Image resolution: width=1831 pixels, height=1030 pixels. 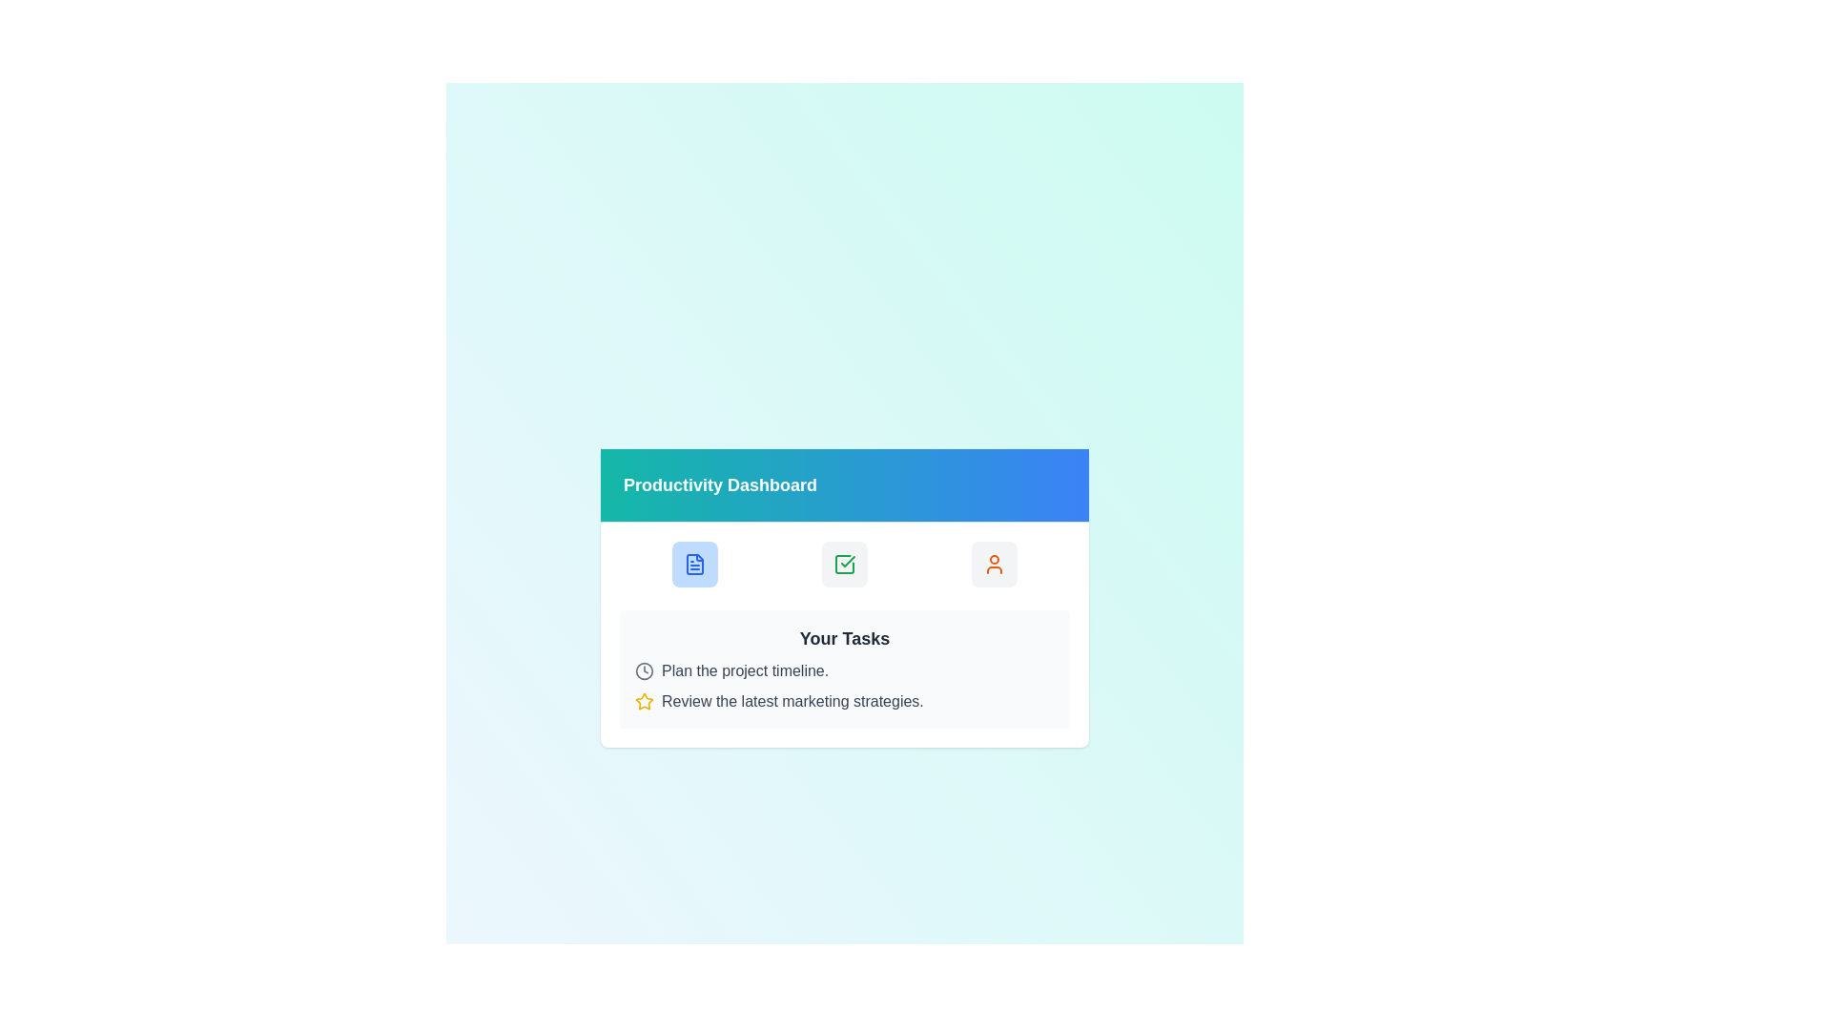 What do you see at coordinates (645, 669) in the screenshot?
I see `the time-related icon located to the left of the text 'Plan the project timeline.'` at bounding box center [645, 669].